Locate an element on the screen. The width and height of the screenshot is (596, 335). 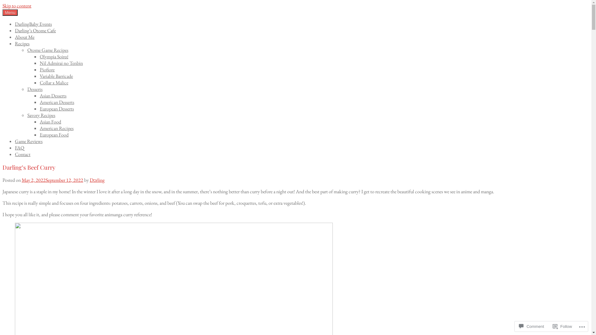
'European Desserts' is located at coordinates (56, 108).